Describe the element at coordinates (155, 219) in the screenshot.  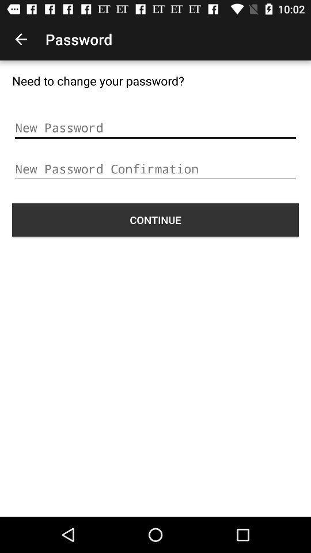
I see `continue icon` at that location.